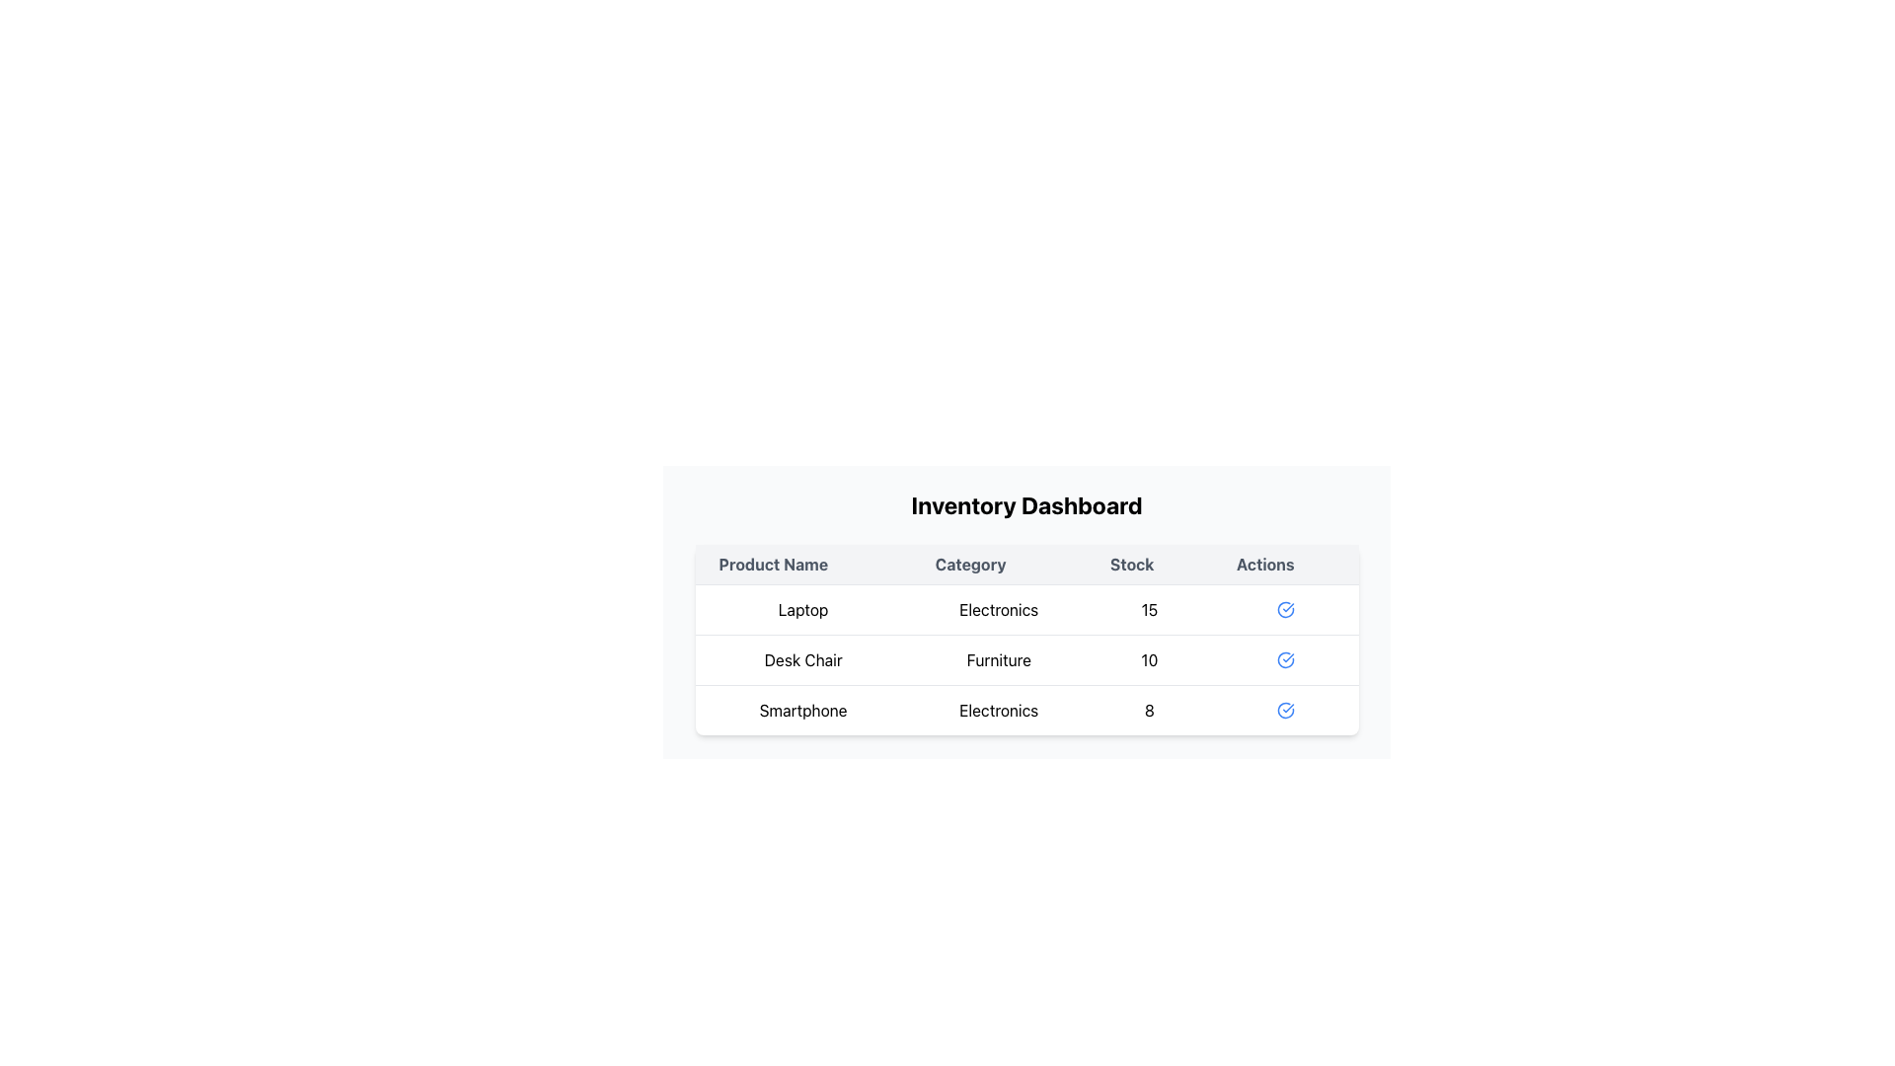 Image resolution: width=1895 pixels, height=1066 pixels. What do you see at coordinates (1026, 659) in the screenshot?
I see `the second table row displaying detailed information about the 'Desk Chair' inventory item in the 'Inventory Dashboard'` at bounding box center [1026, 659].